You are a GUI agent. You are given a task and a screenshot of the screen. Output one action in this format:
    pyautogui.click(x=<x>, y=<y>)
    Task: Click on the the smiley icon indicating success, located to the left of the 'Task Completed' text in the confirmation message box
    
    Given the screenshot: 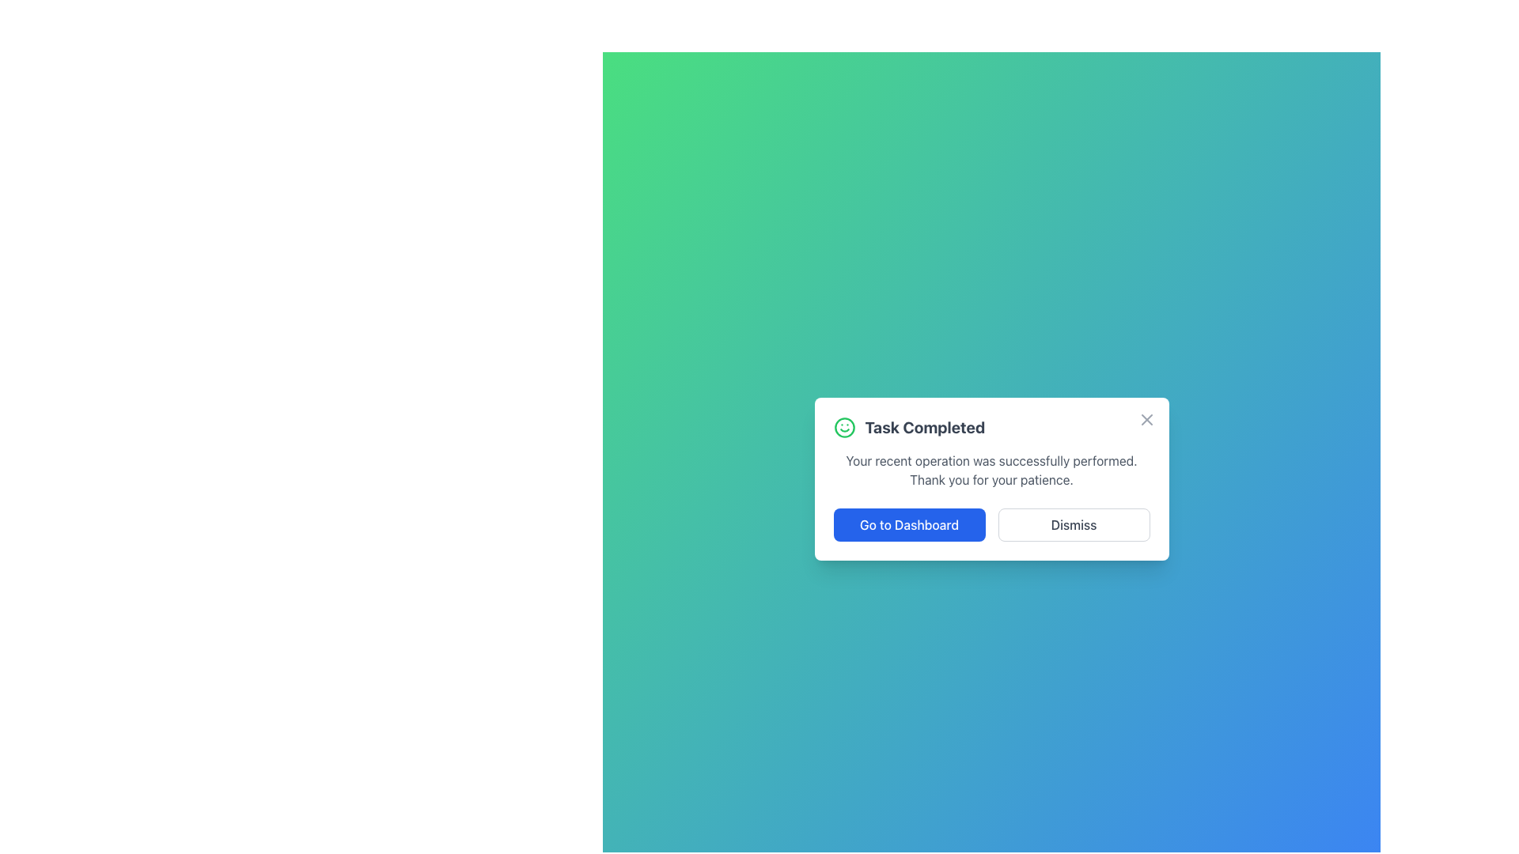 What is the action you would take?
    pyautogui.click(x=843, y=427)
    